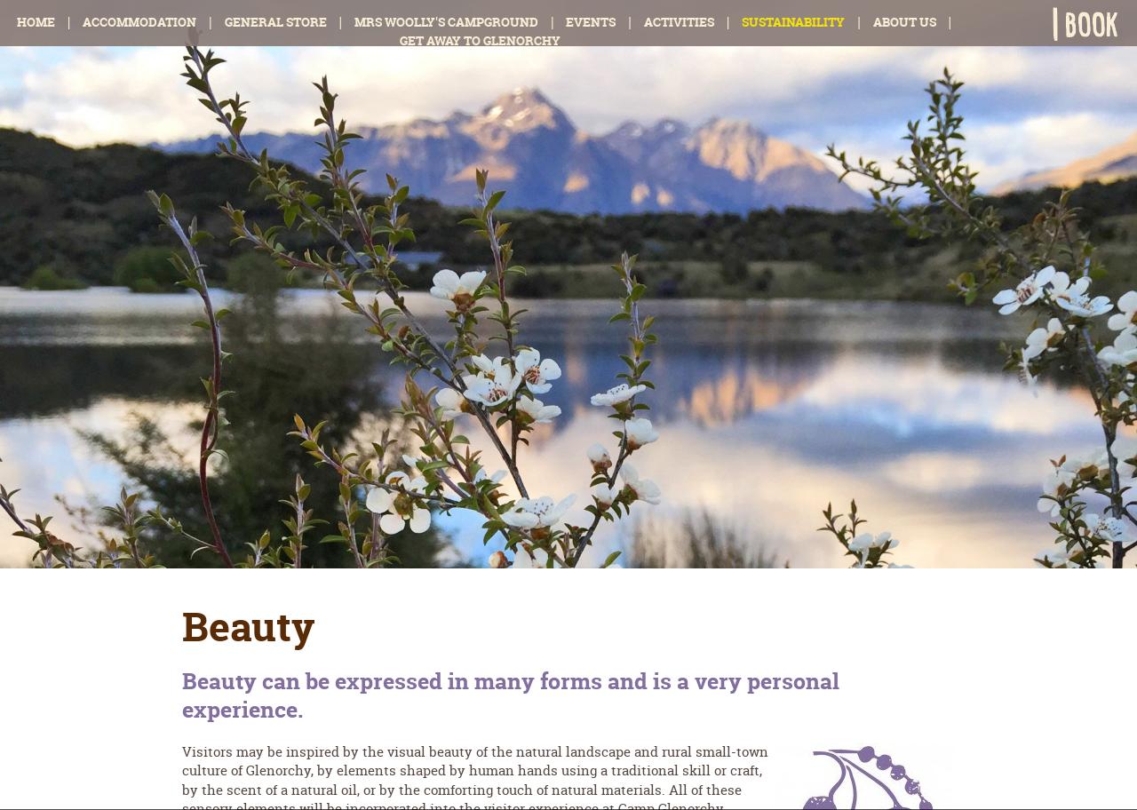 The height and width of the screenshot is (810, 1137). I want to click on 'Events', so click(590, 21).